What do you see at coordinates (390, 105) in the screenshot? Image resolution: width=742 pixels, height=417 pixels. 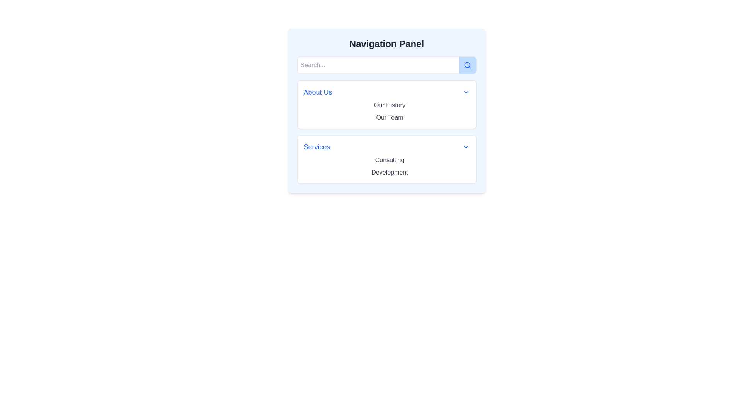 I see `the 'Our History' hyperlink located under the 'About Us' section in the navigation panel` at bounding box center [390, 105].